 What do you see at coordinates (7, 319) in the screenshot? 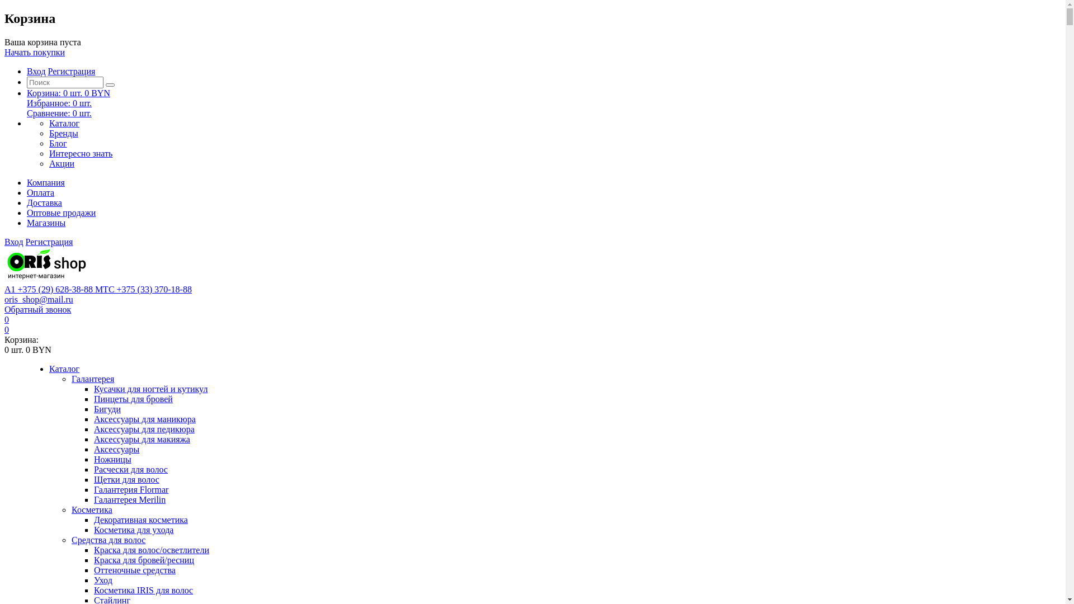
I see `'0'` at bounding box center [7, 319].